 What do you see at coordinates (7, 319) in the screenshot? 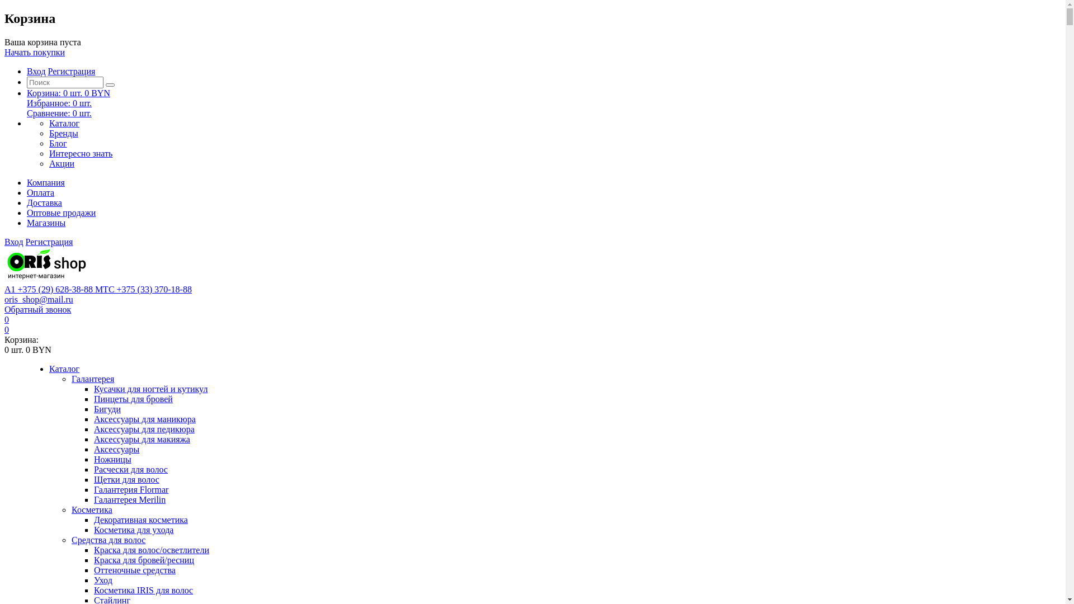
I see `'0'` at bounding box center [7, 319].